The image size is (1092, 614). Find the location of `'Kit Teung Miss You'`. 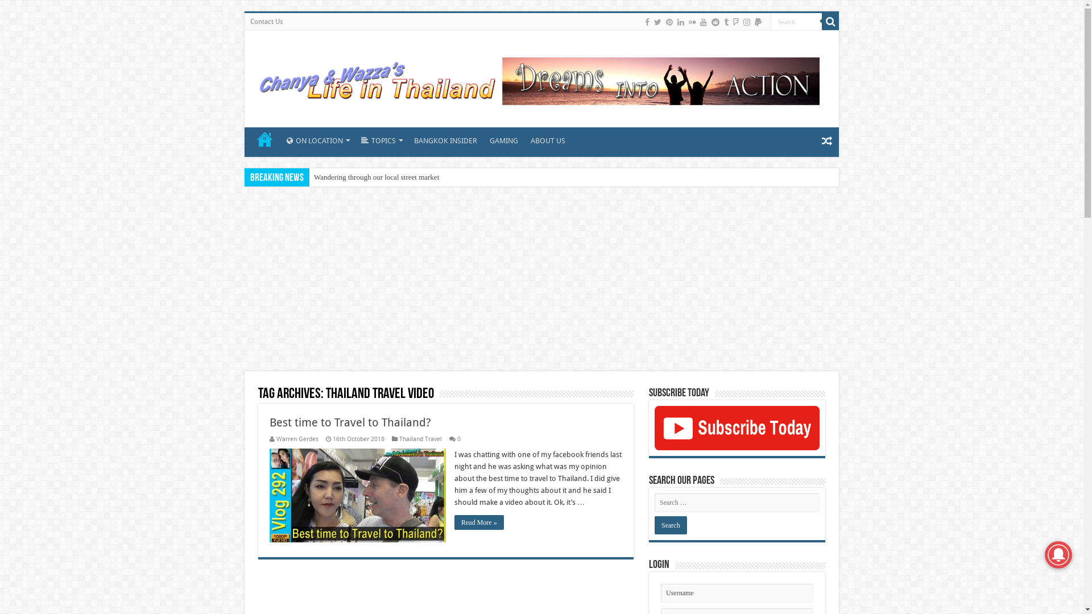

'Kit Teung Miss You' is located at coordinates (343, 177).